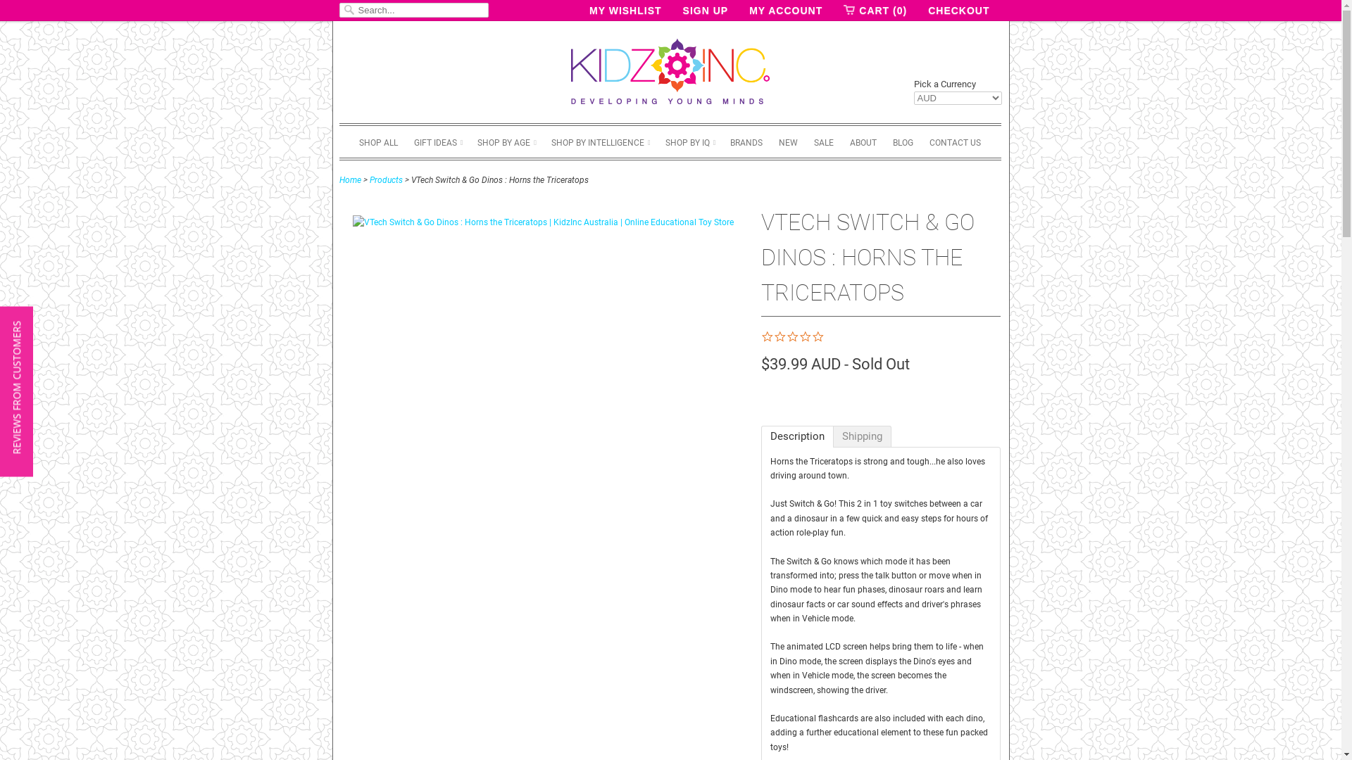 This screenshot has width=1352, height=760. I want to click on 'MY WISHLIST', so click(625, 11).